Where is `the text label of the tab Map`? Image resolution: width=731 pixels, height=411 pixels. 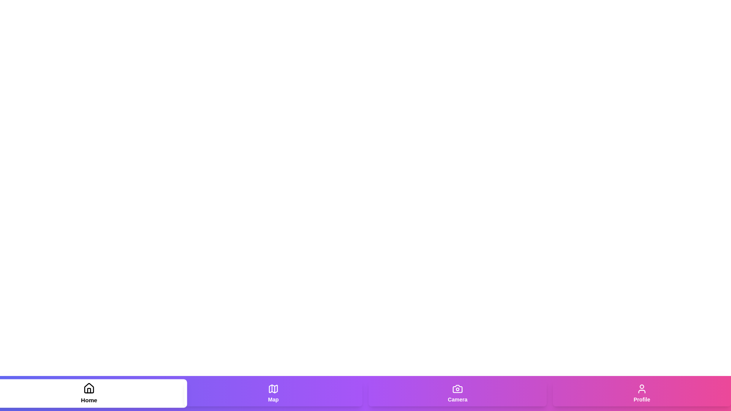 the text label of the tab Map is located at coordinates (273, 399).